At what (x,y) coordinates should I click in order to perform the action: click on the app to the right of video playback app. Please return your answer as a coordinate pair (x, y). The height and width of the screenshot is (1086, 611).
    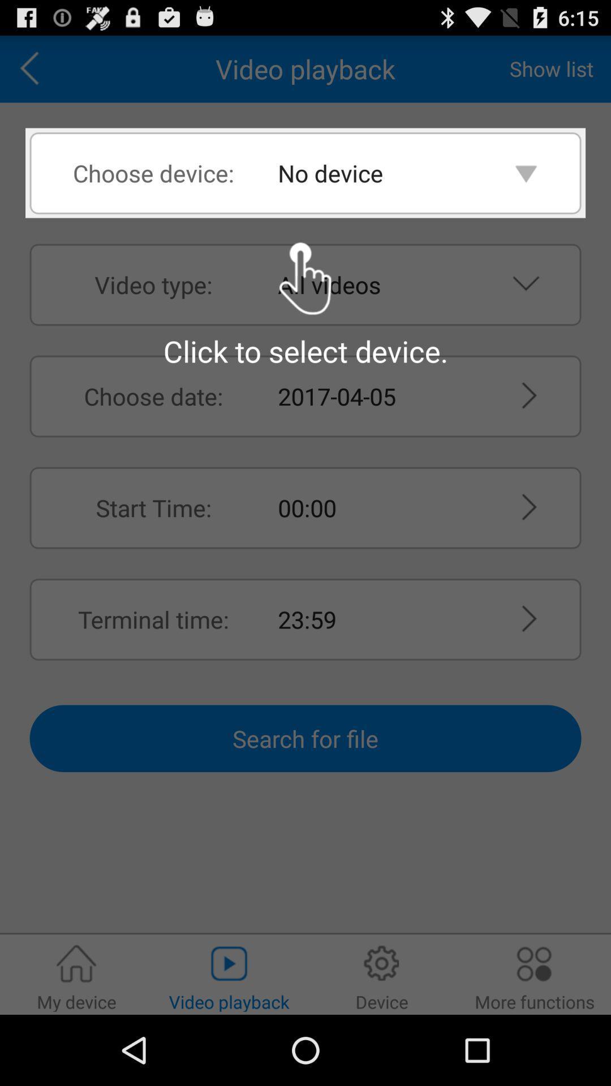
    Looking at the image, I should click on (551, 68).